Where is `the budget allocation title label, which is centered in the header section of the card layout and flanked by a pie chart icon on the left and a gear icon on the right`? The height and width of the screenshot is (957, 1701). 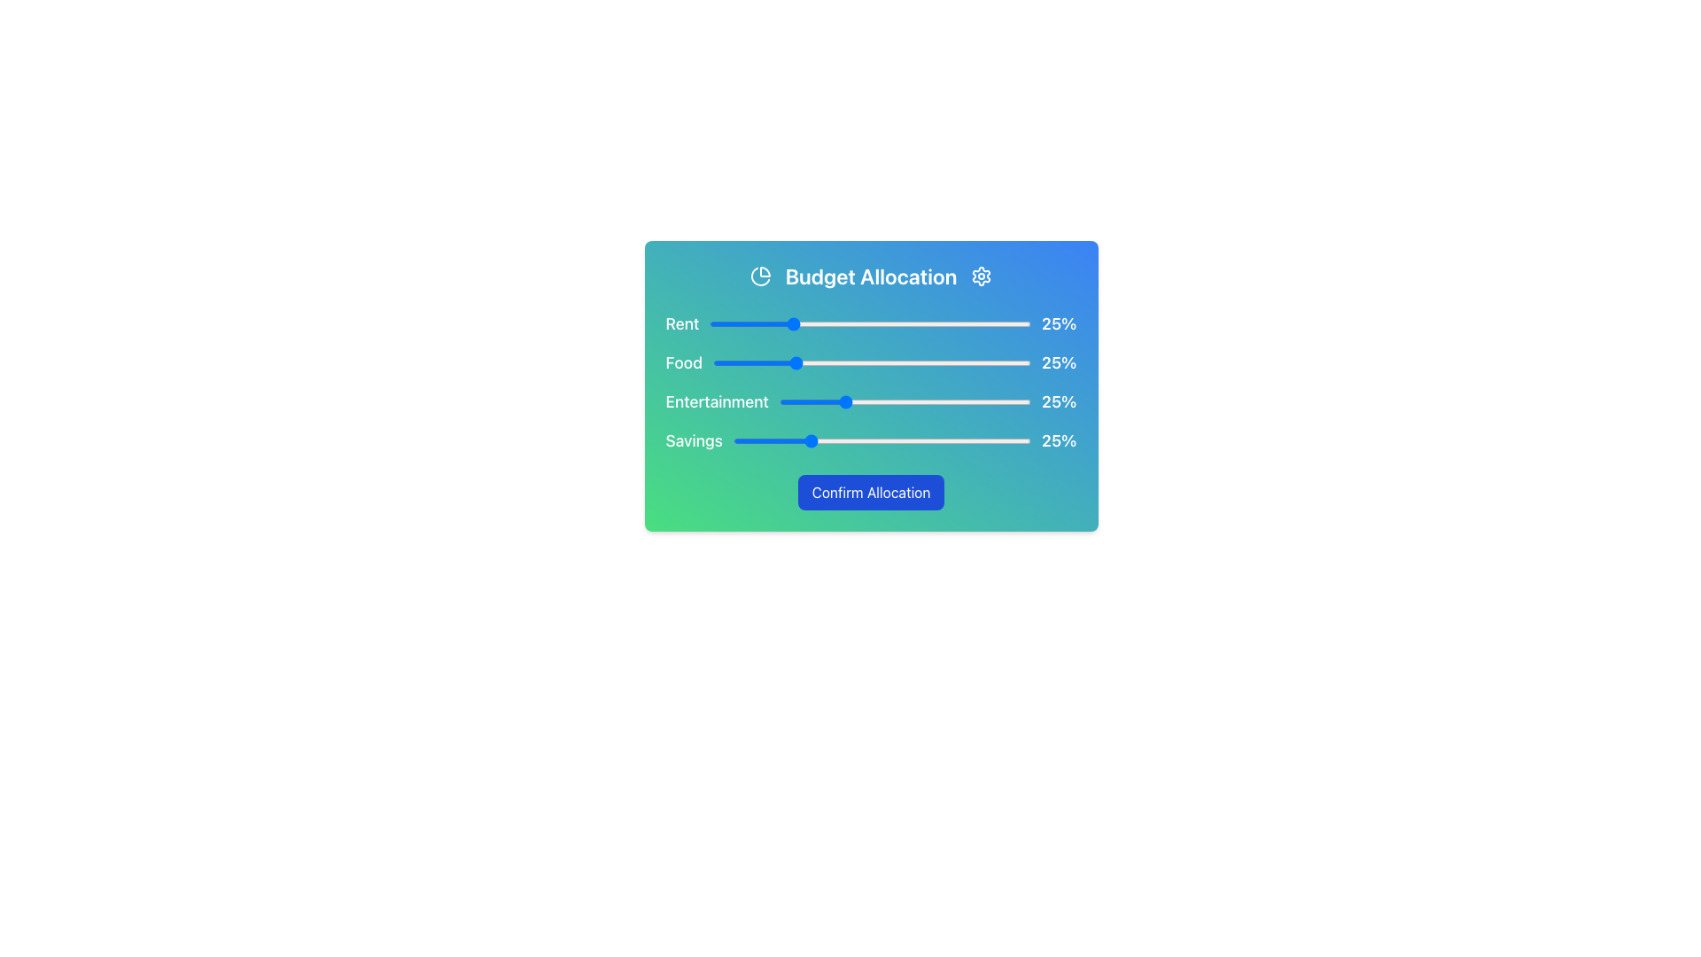 the budget allocation title label, which is centered in the header section of the card layout and flanked by a pie chart icon on the left and a gear icon on the right is located at coordinates (871, 276).